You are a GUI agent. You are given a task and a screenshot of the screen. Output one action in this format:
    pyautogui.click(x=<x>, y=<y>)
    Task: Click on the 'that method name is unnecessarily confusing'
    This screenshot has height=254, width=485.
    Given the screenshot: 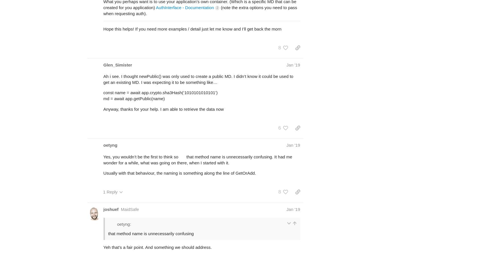 What is the action you would take?
    pyautogui.click(x=151, y=233)
    